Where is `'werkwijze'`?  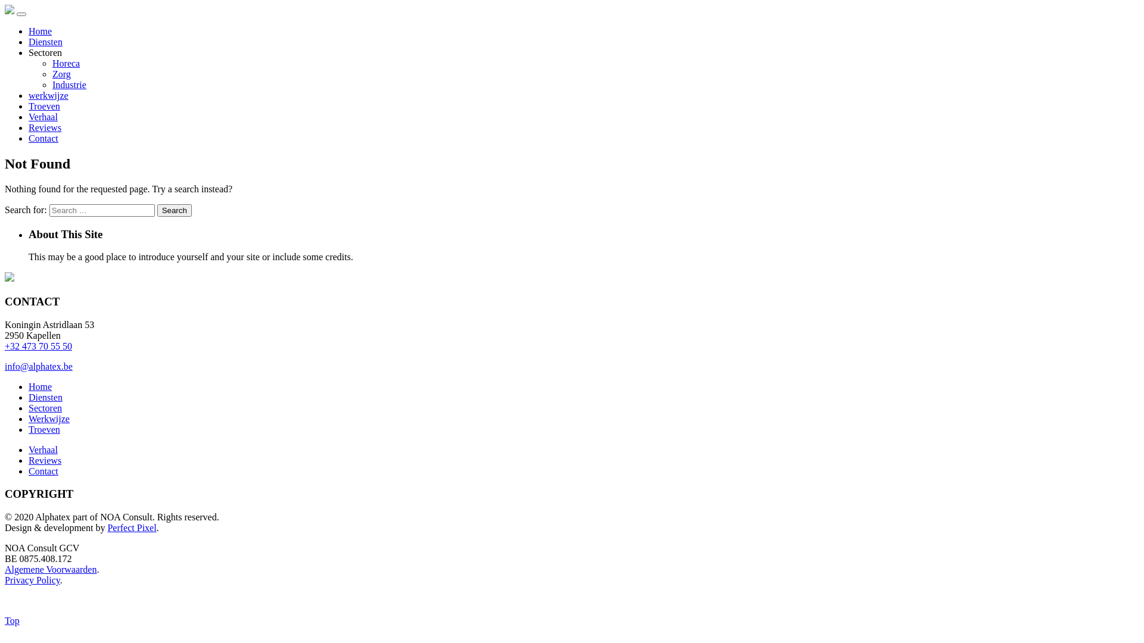
'werkwijze' is located at coordinates (48, 95).